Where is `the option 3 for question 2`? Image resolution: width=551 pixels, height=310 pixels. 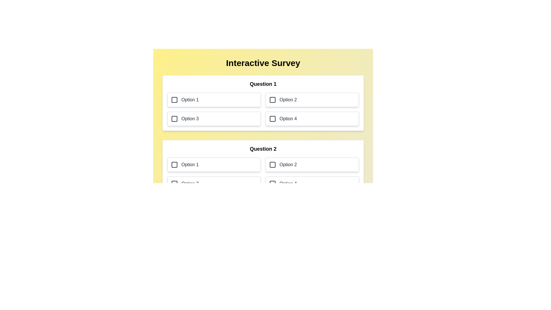 the option 3 for question 2 is located at coordinates (214, 184).